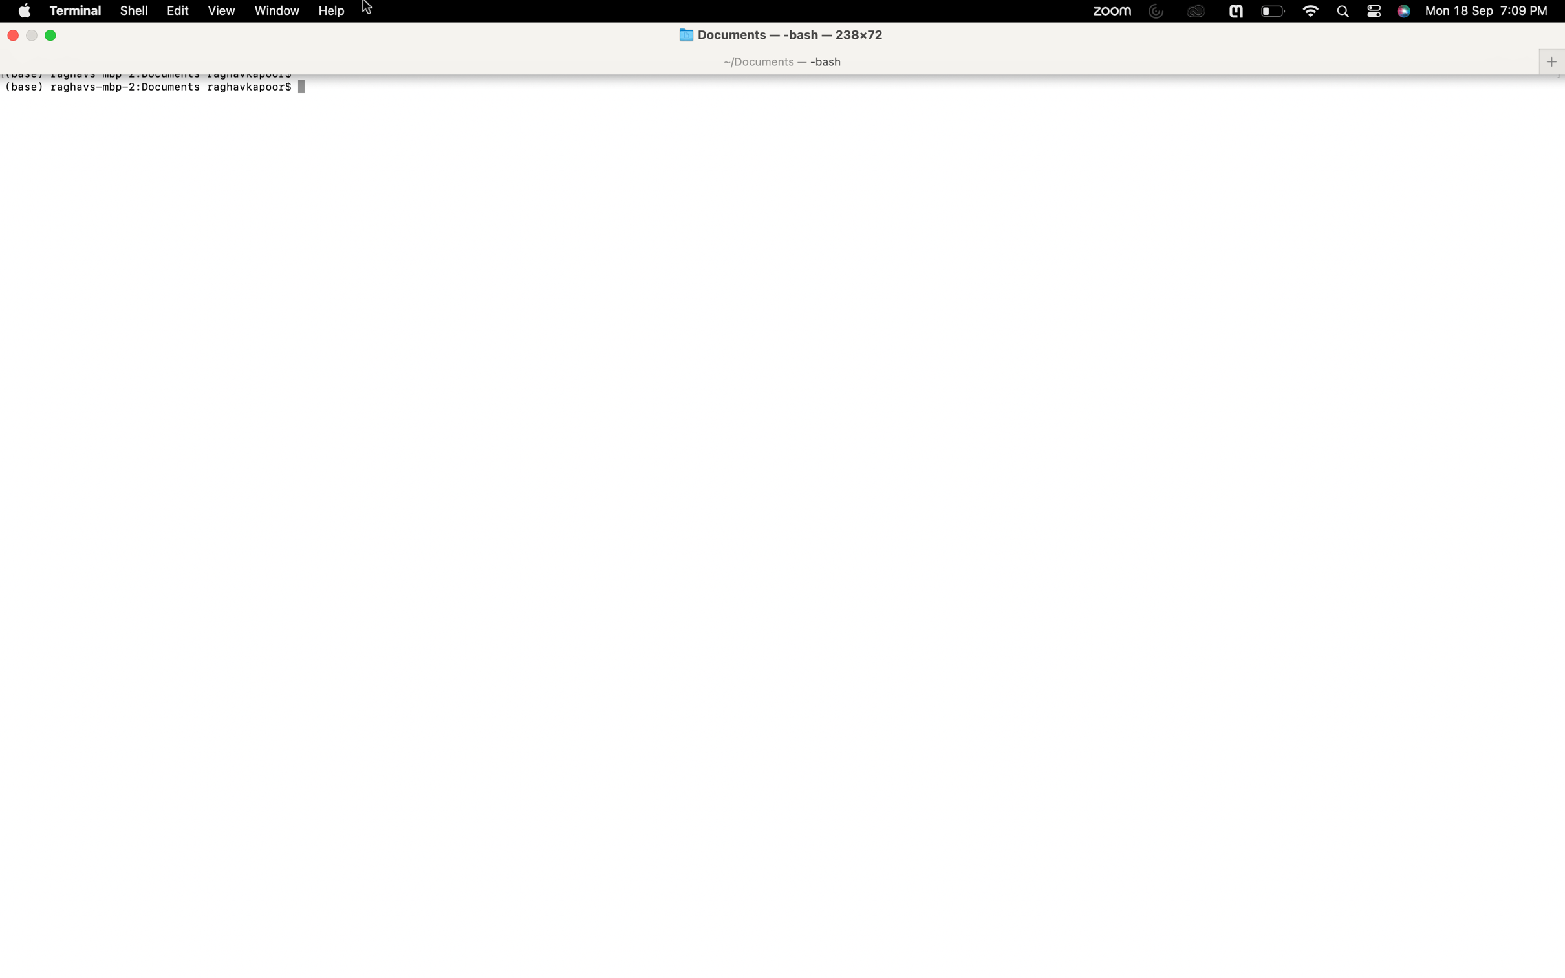 Image resolution: width=1565 pixels, height=978 pixels. I want to click on the font size in the shell options, so click(133, 10).